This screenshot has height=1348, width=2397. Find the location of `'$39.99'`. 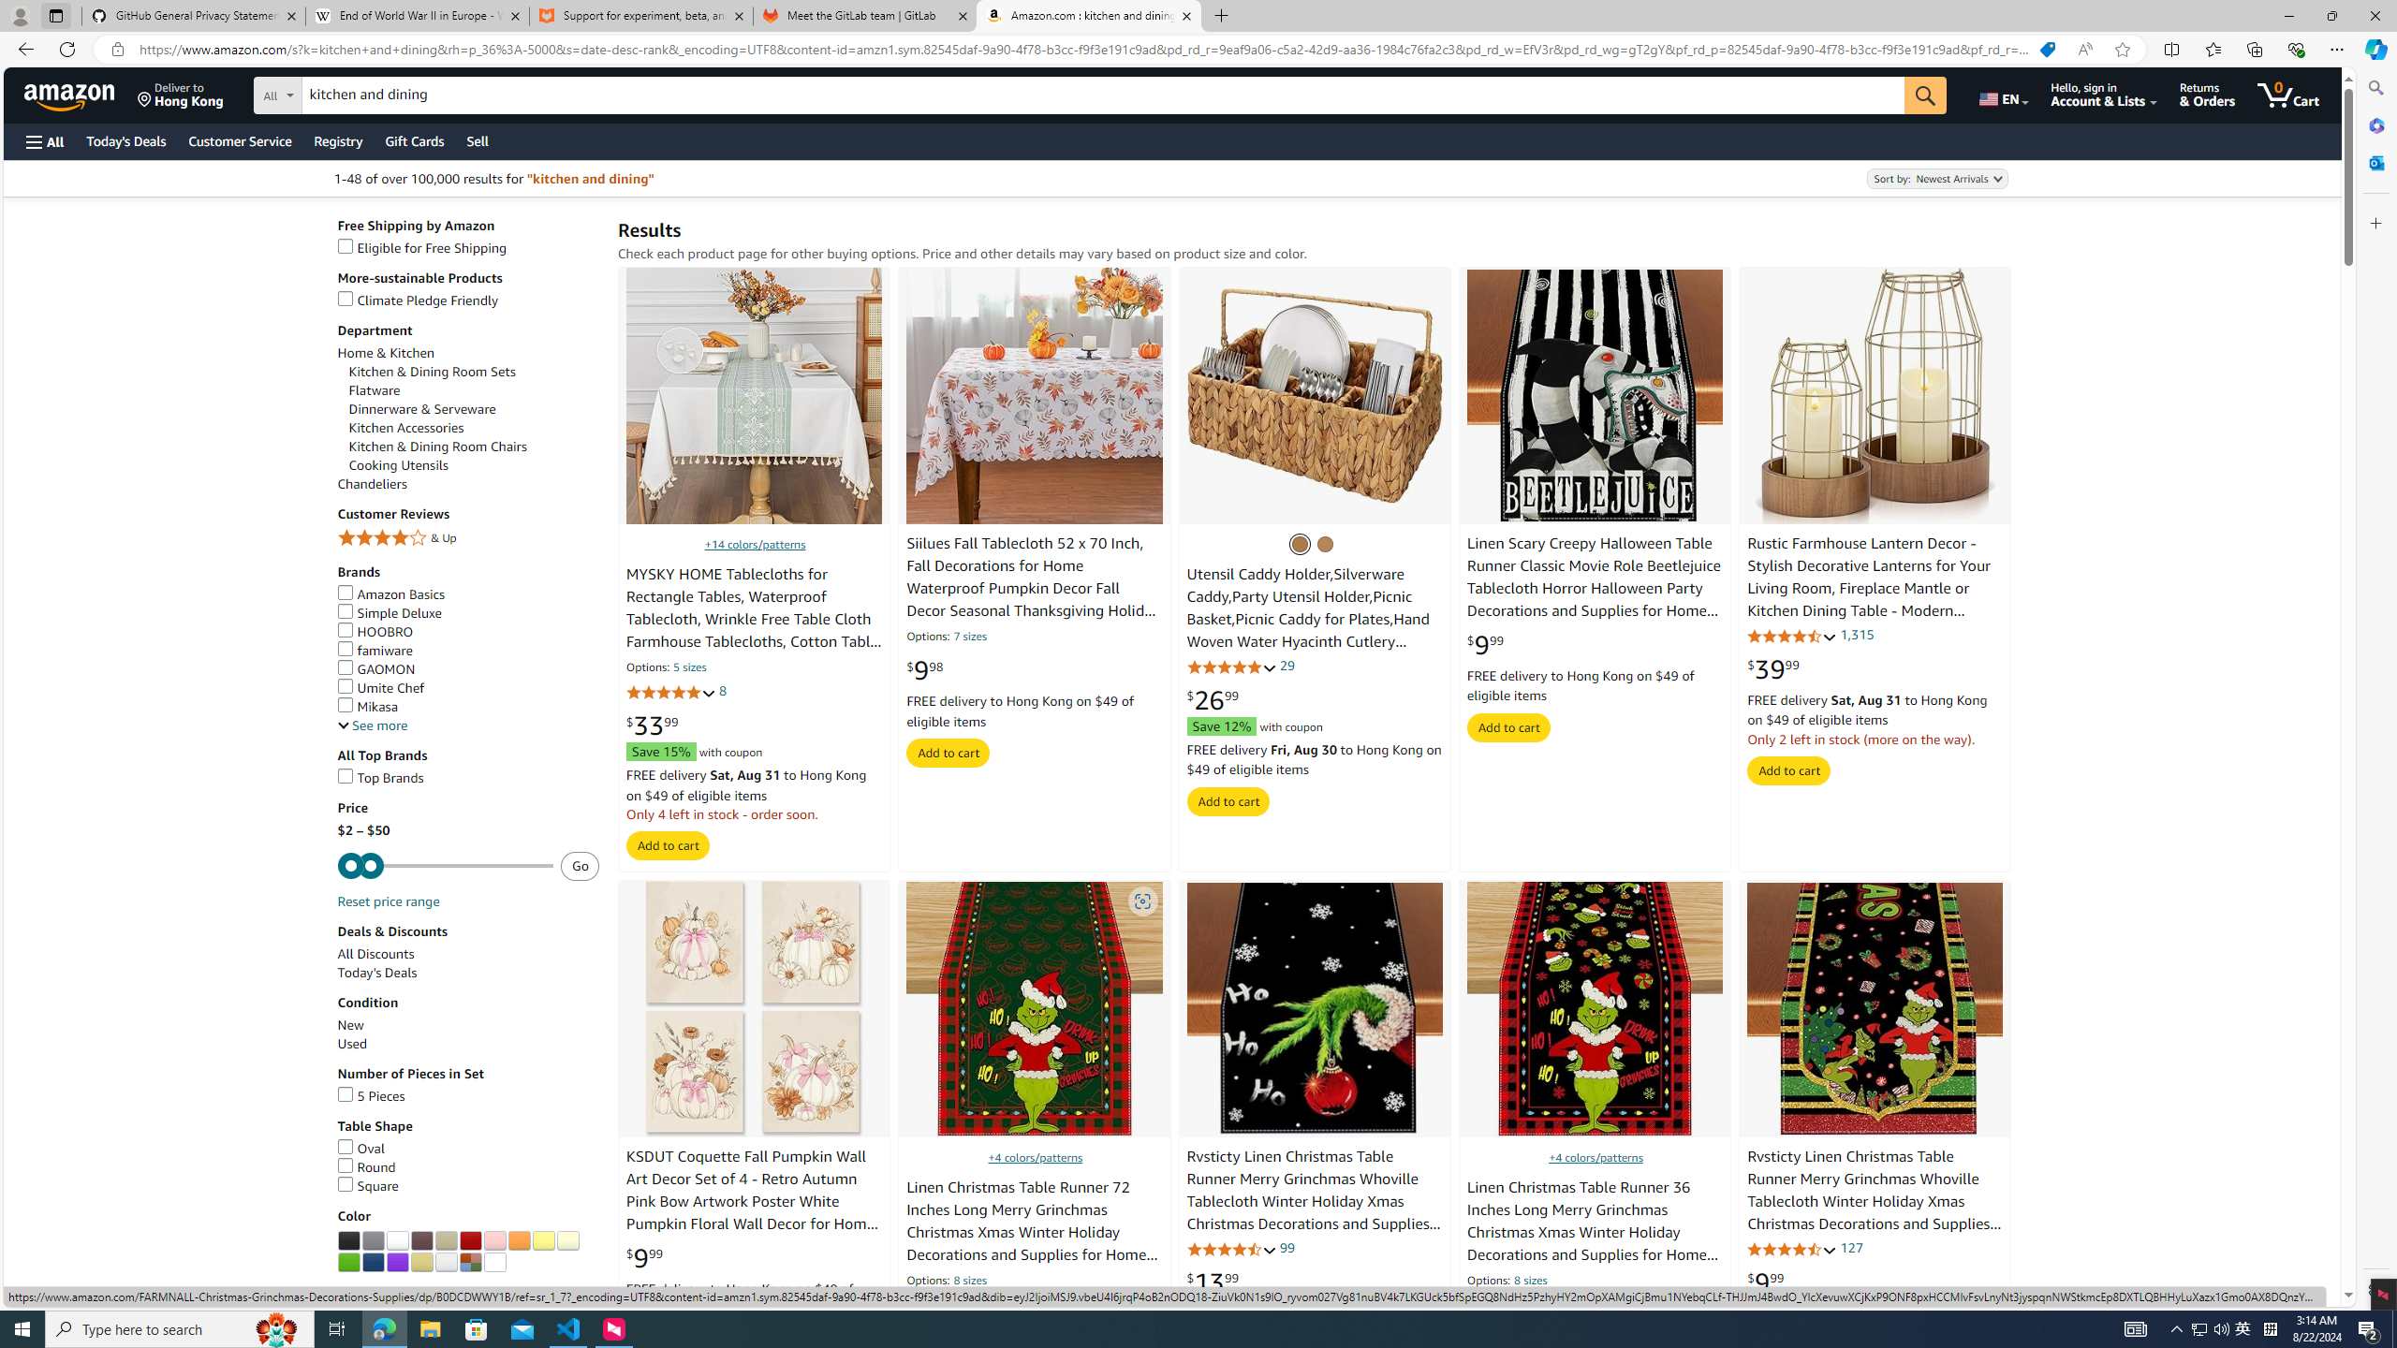

'$39.99' is located at coordinates (1772, 667).